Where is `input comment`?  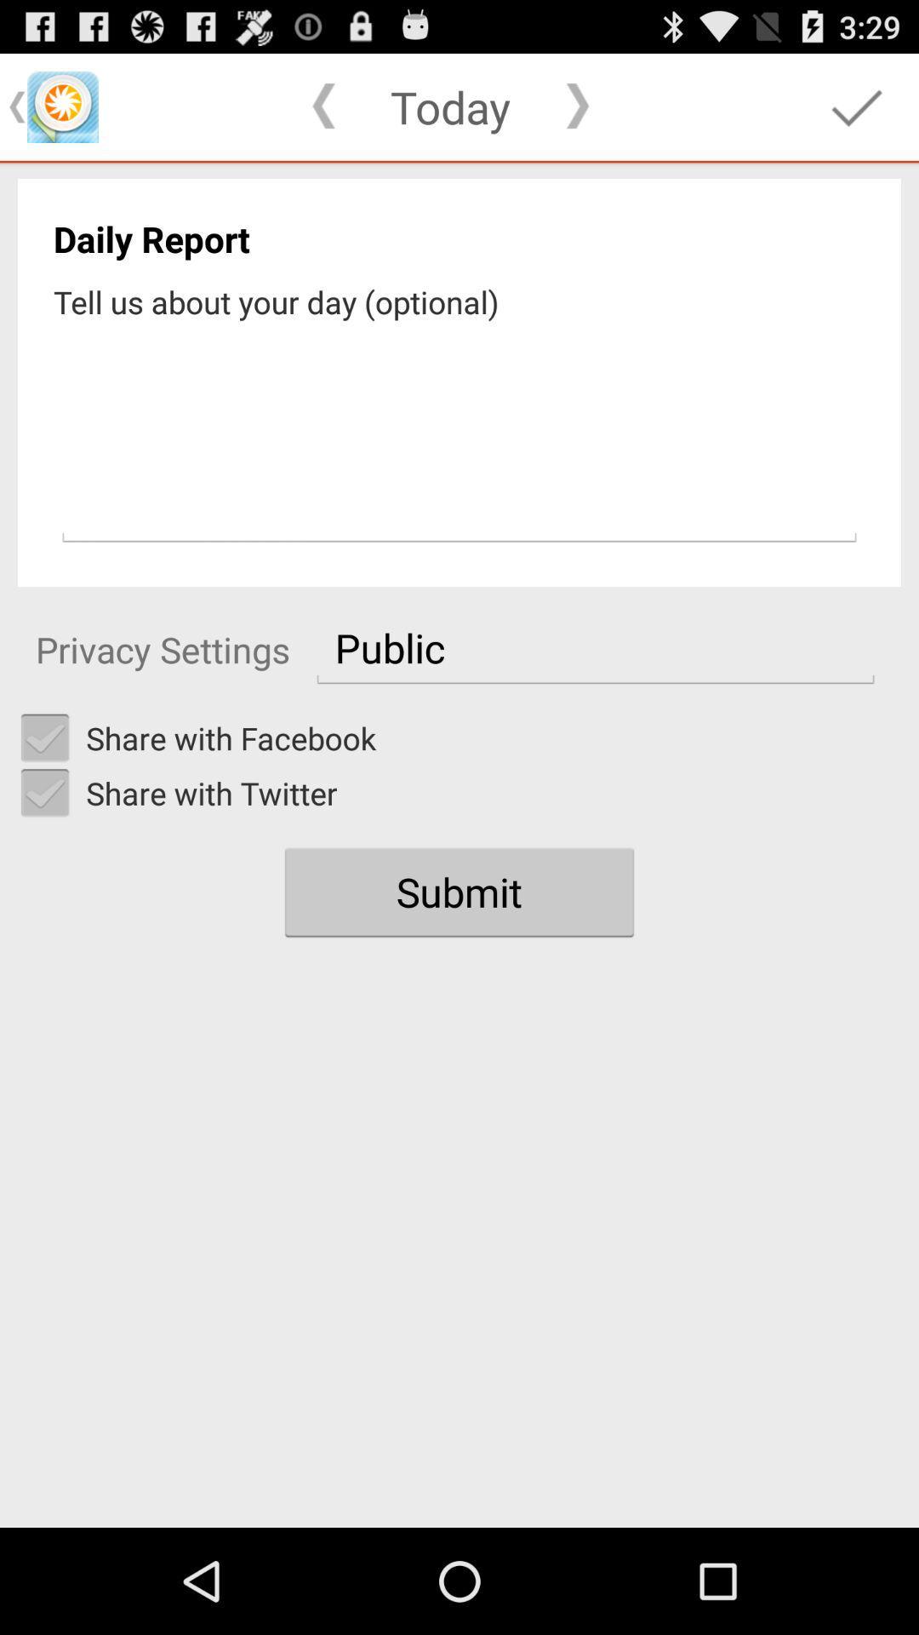 input comment is located at coordinates (459, 437).